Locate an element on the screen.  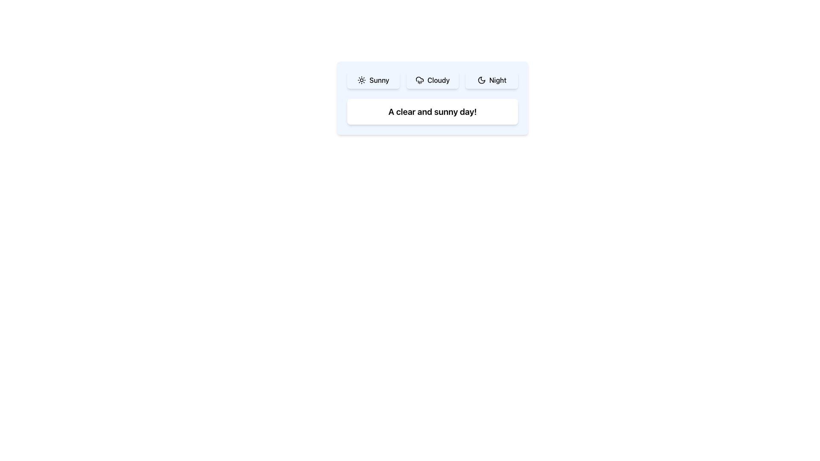
the 'Night' weather condition icon located at the far right of the three options in the horizontal menu is located at coordinates (481, 80).